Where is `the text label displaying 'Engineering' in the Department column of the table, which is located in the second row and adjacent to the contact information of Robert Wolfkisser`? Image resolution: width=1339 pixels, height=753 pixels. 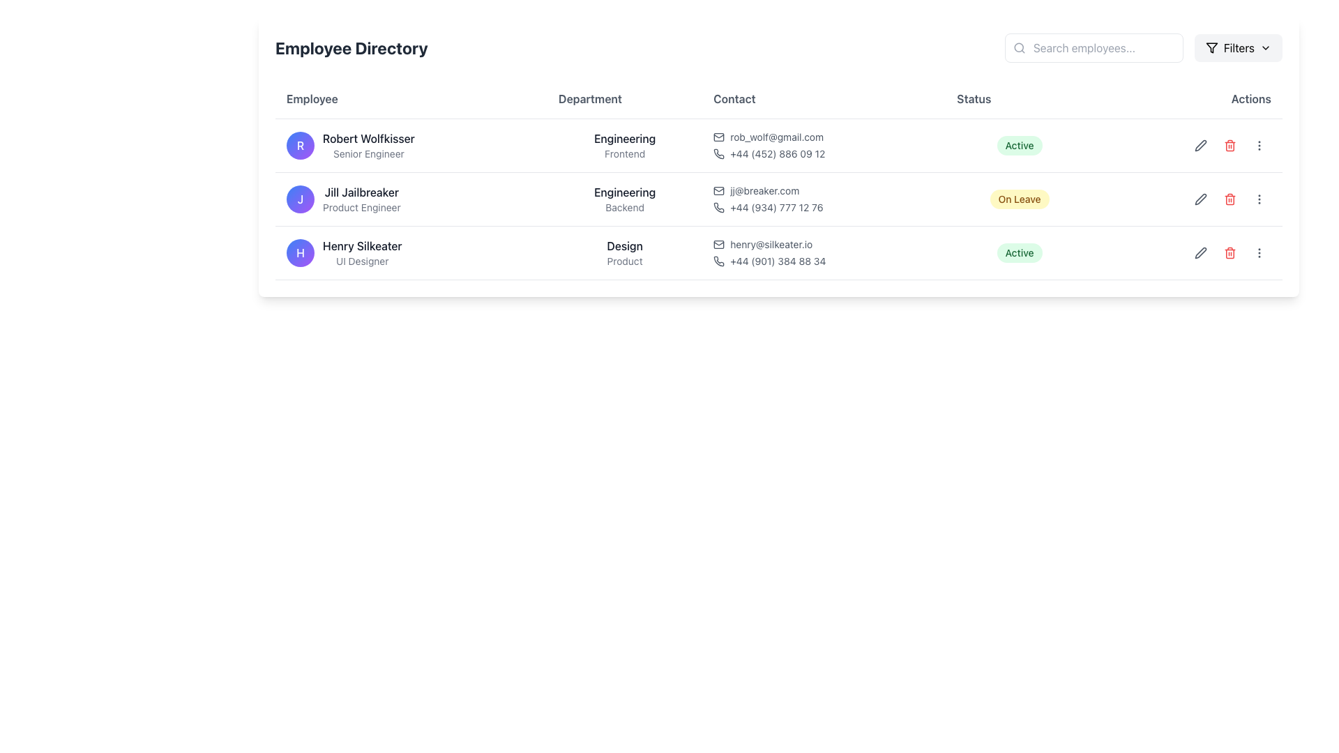
the text label displaying 'Engineering' in the Department column of the table, which is located in the second row and adjacent to the contact information of Robert Wolfkisser is located at coordinates (624, 139).